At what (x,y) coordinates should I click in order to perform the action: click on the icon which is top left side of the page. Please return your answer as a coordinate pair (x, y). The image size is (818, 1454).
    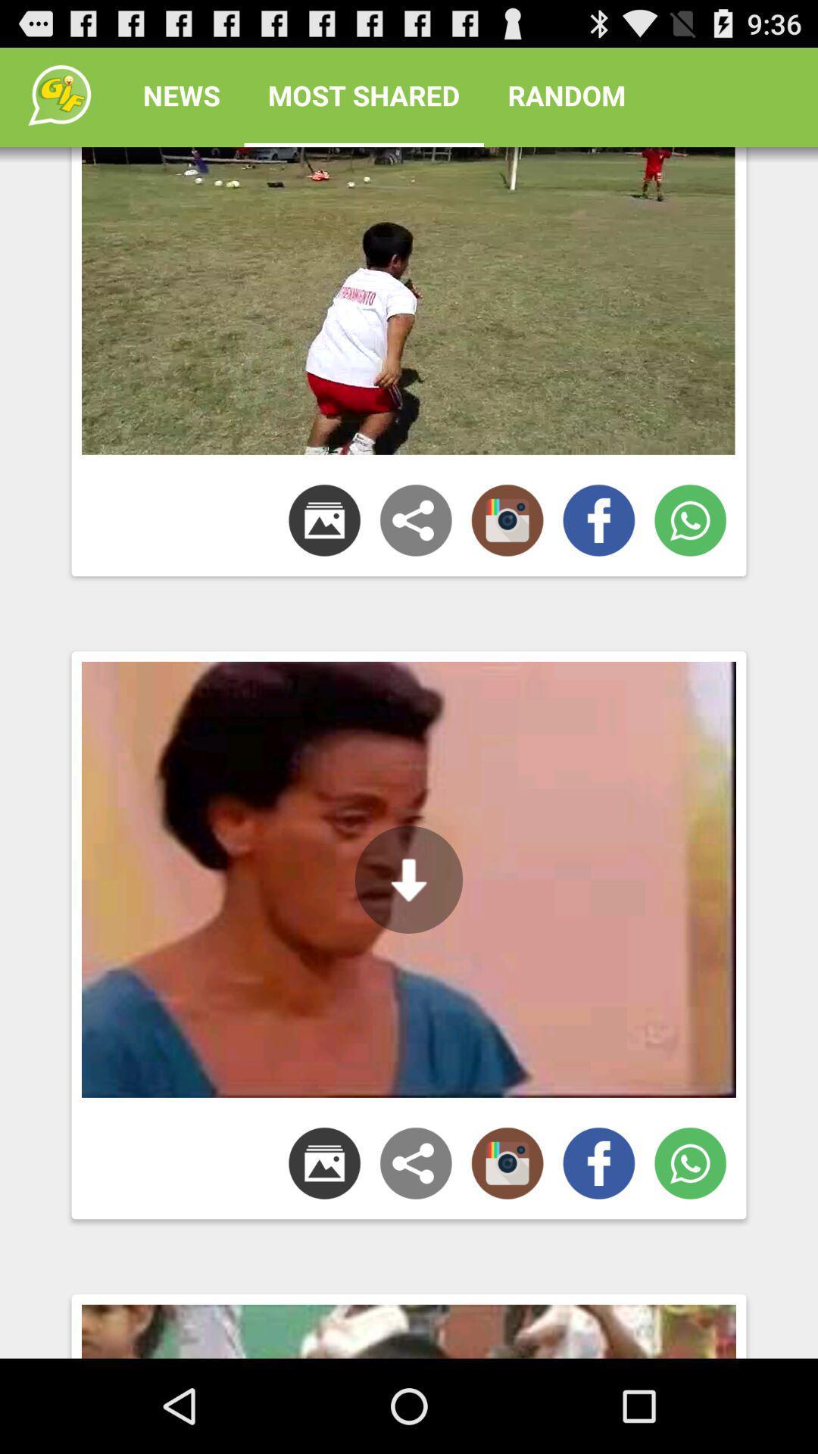
    Looking at the image, I should click on (58, 94).